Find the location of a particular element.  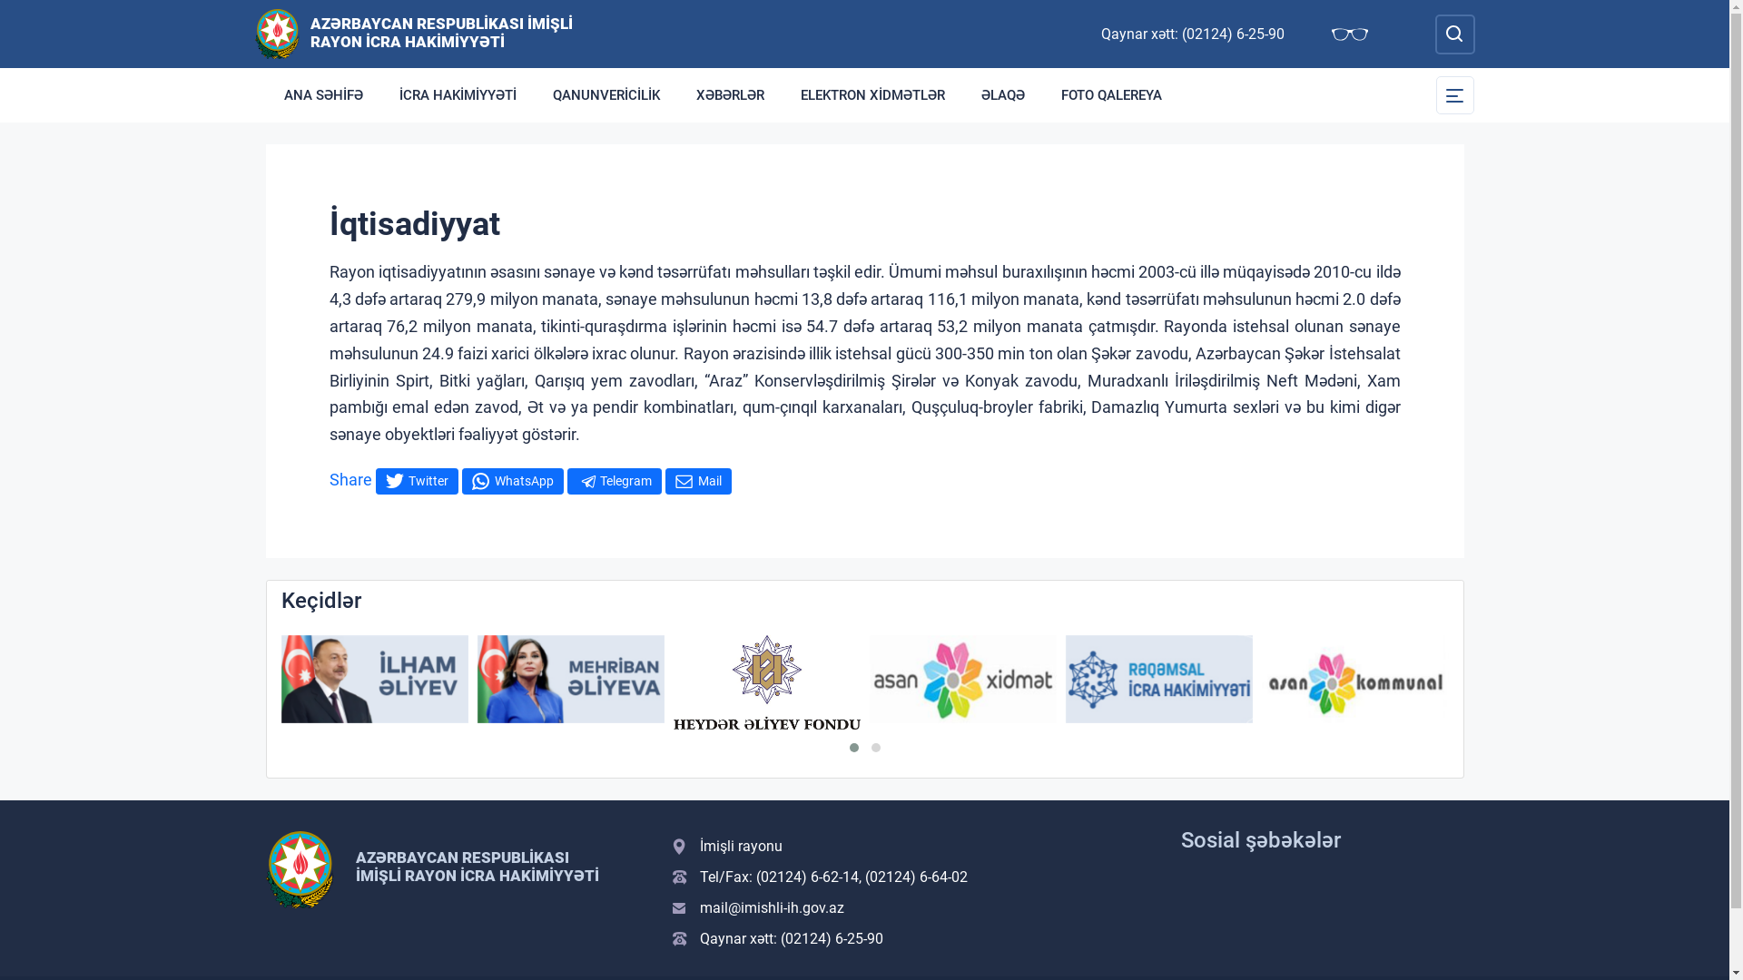

'Twitter' is located at coordinates (416, 480).